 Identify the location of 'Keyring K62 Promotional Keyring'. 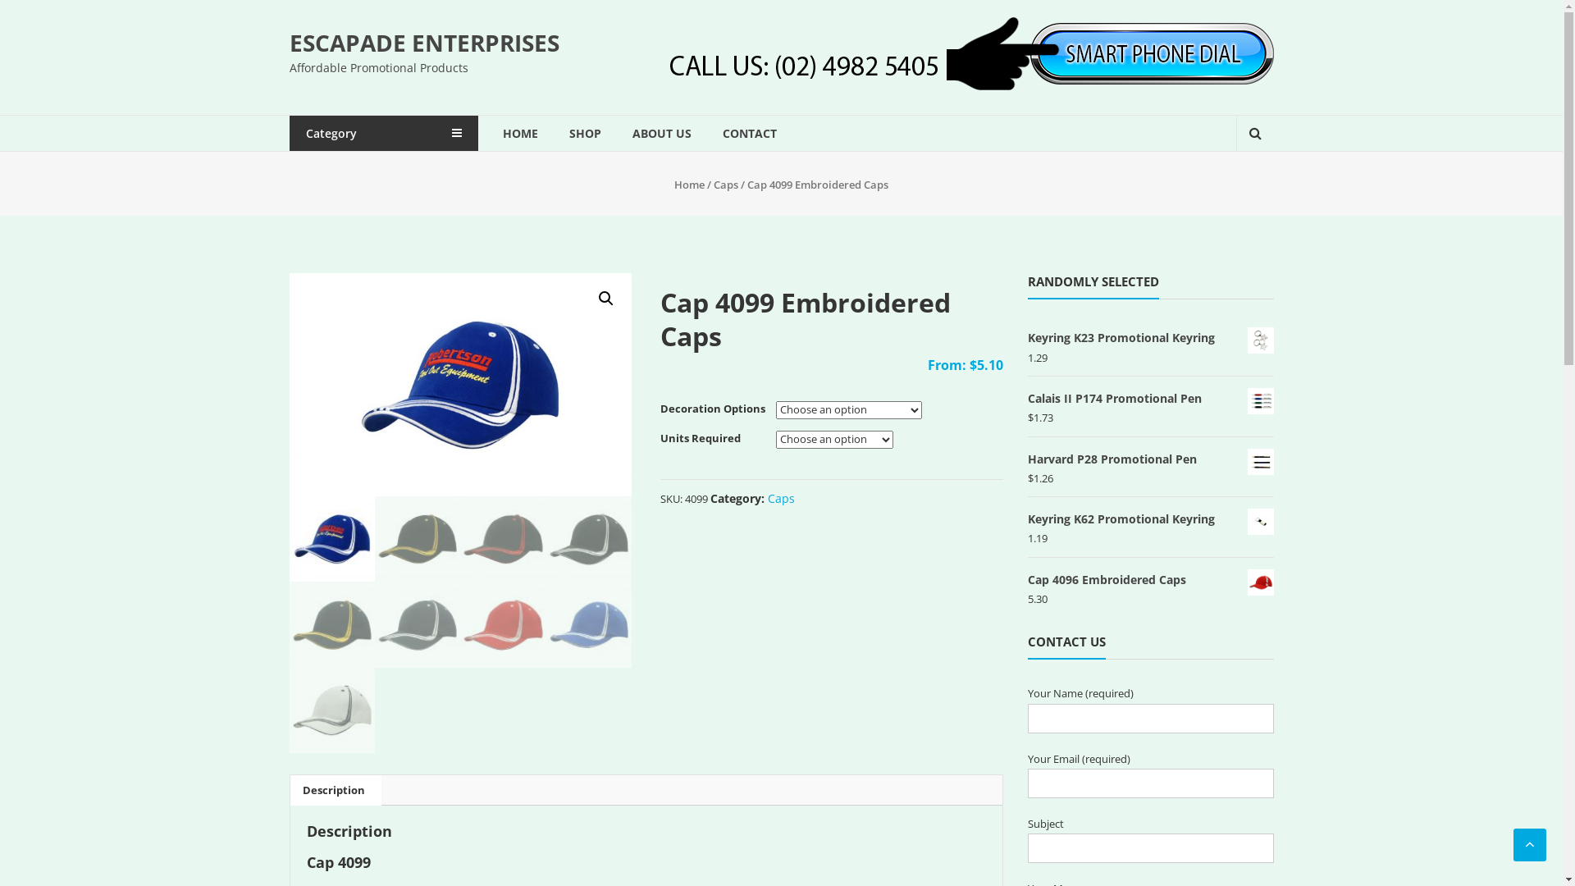
(1026, 518).